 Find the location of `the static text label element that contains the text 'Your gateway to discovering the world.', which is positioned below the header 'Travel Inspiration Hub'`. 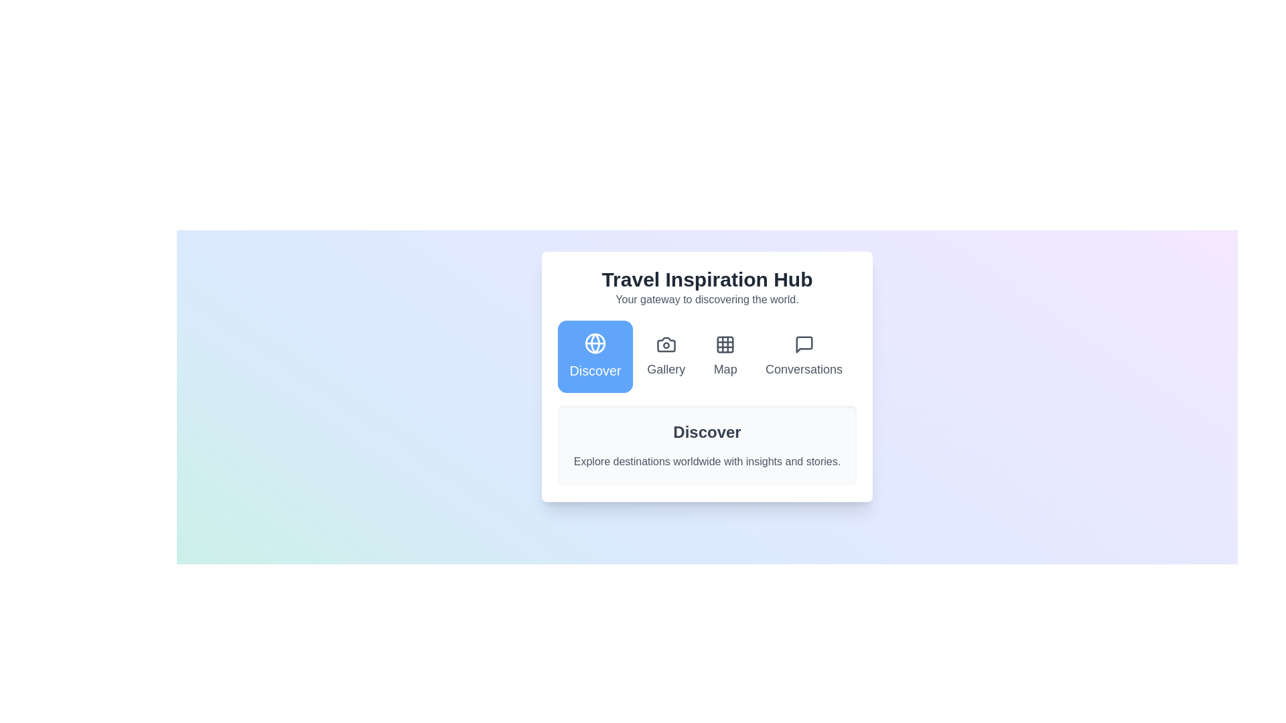

the static text label element that contains the text 'Your gateway to discovering the world.', which is positioned below the header 'Travel Inspiration Hub' is located at coordinates (707, 299).